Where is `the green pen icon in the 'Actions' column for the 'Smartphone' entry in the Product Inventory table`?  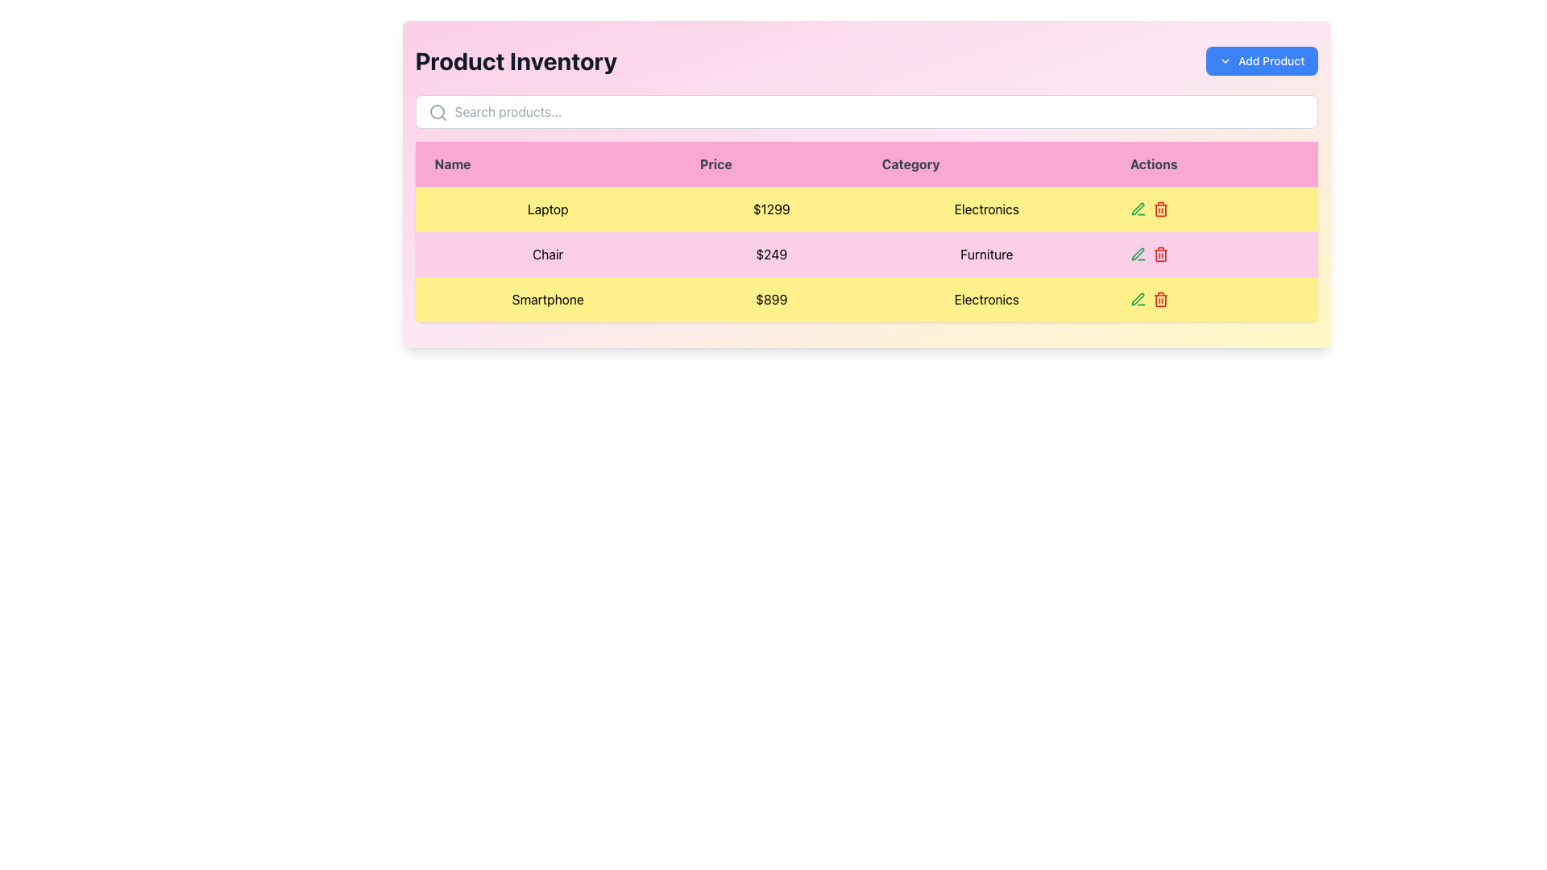
the green pen icon in the 'Actions' column for the 'Smartphone' entry in the Product Inventory table is located at coordinates (1137, 299).